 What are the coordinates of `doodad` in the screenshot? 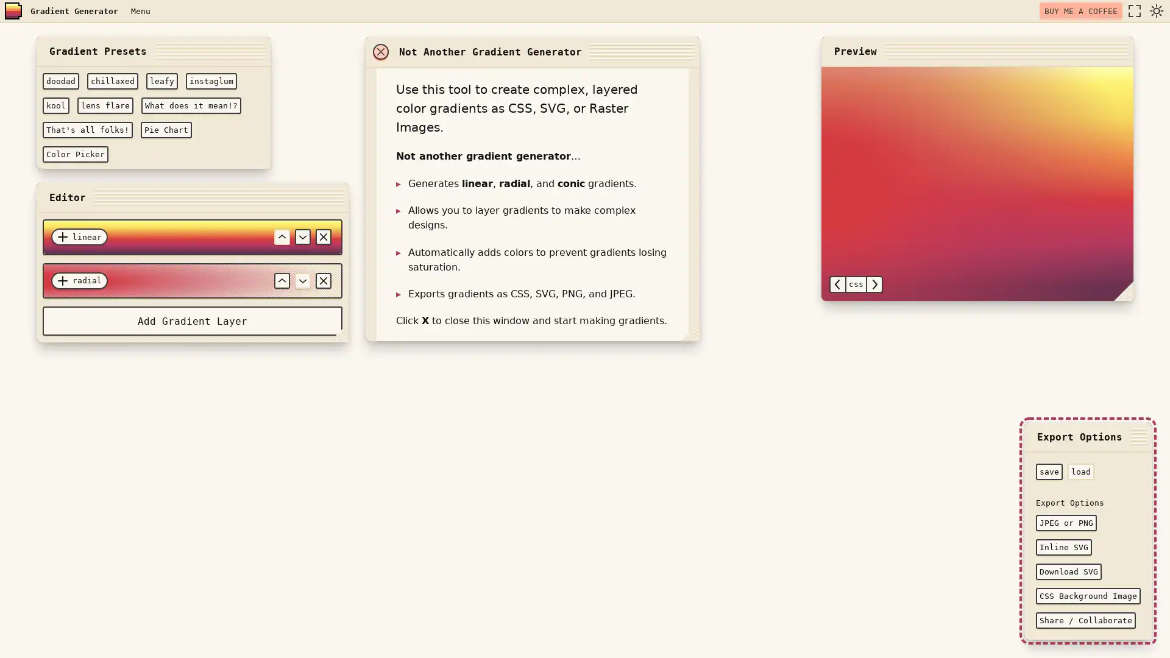 It's located at (60, 81).